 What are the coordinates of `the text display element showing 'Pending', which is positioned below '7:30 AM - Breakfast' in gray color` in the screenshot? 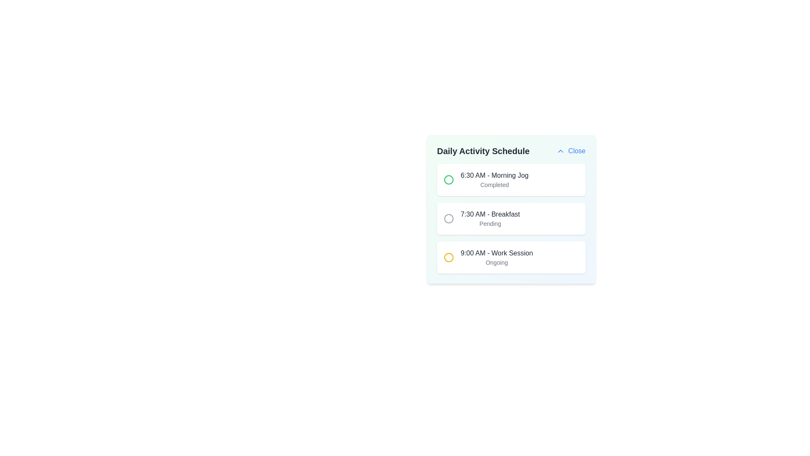 It's located at (490, 223).